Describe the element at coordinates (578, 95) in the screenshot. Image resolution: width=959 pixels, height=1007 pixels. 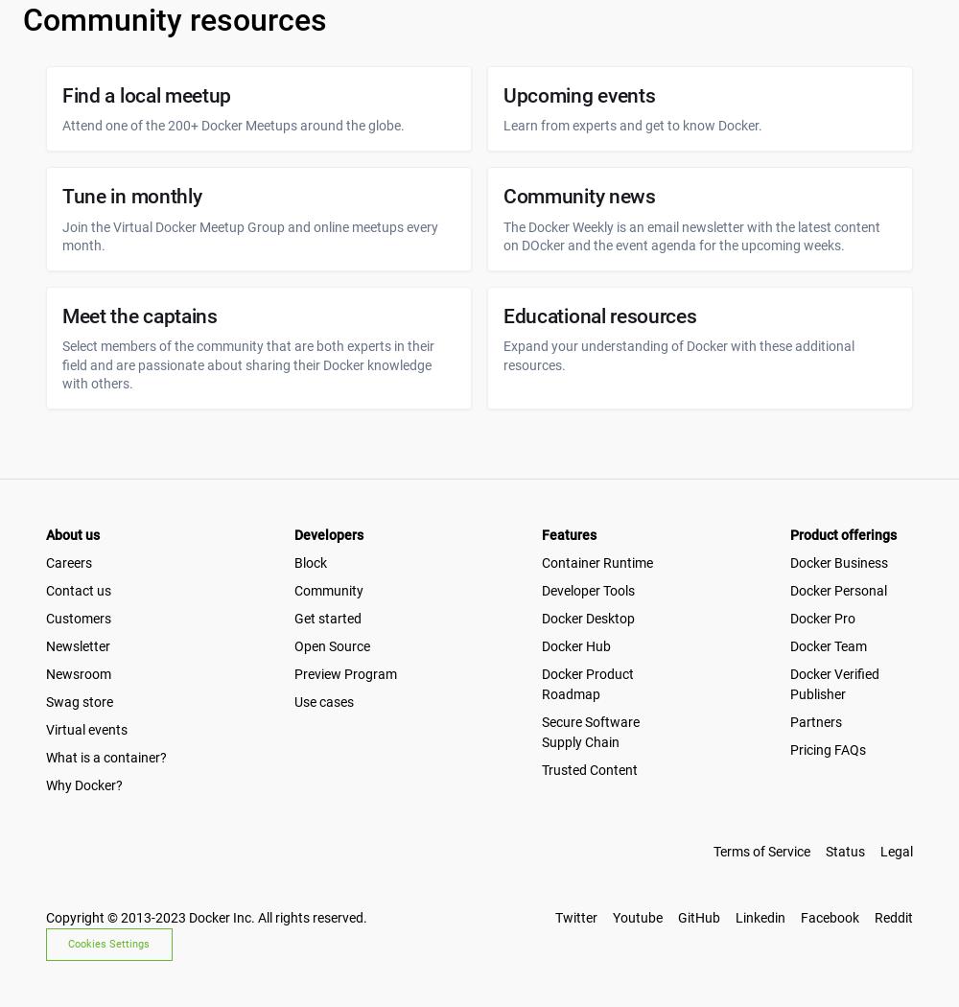
I see `'Upcoming events'` at that location.